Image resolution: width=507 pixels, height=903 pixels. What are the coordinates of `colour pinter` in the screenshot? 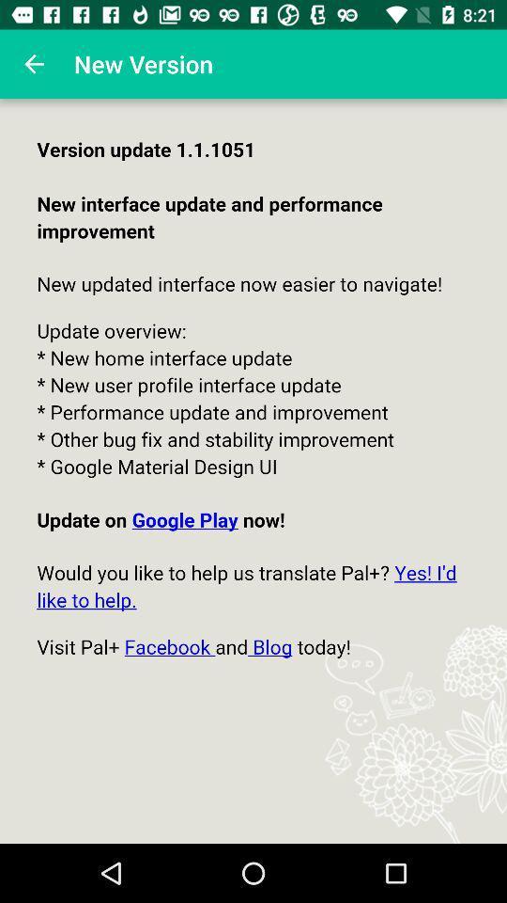 It's located at (253, 470).